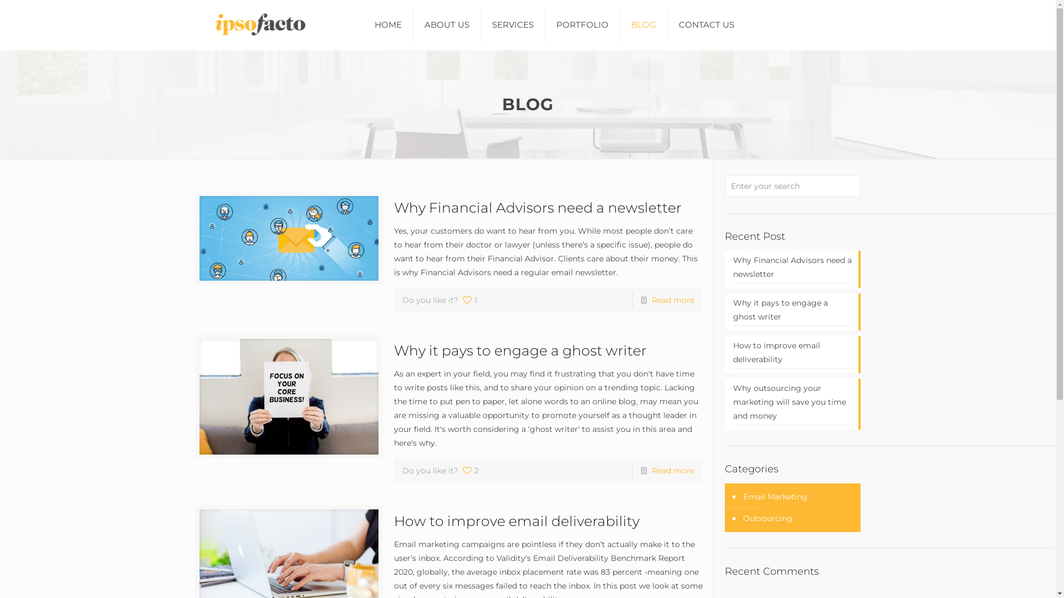 The image size is (1064, 598). What do you see at coordinates (447, 25) in the screenshot?
I see `'ABOUT US'` at bounding box center [447, 25].